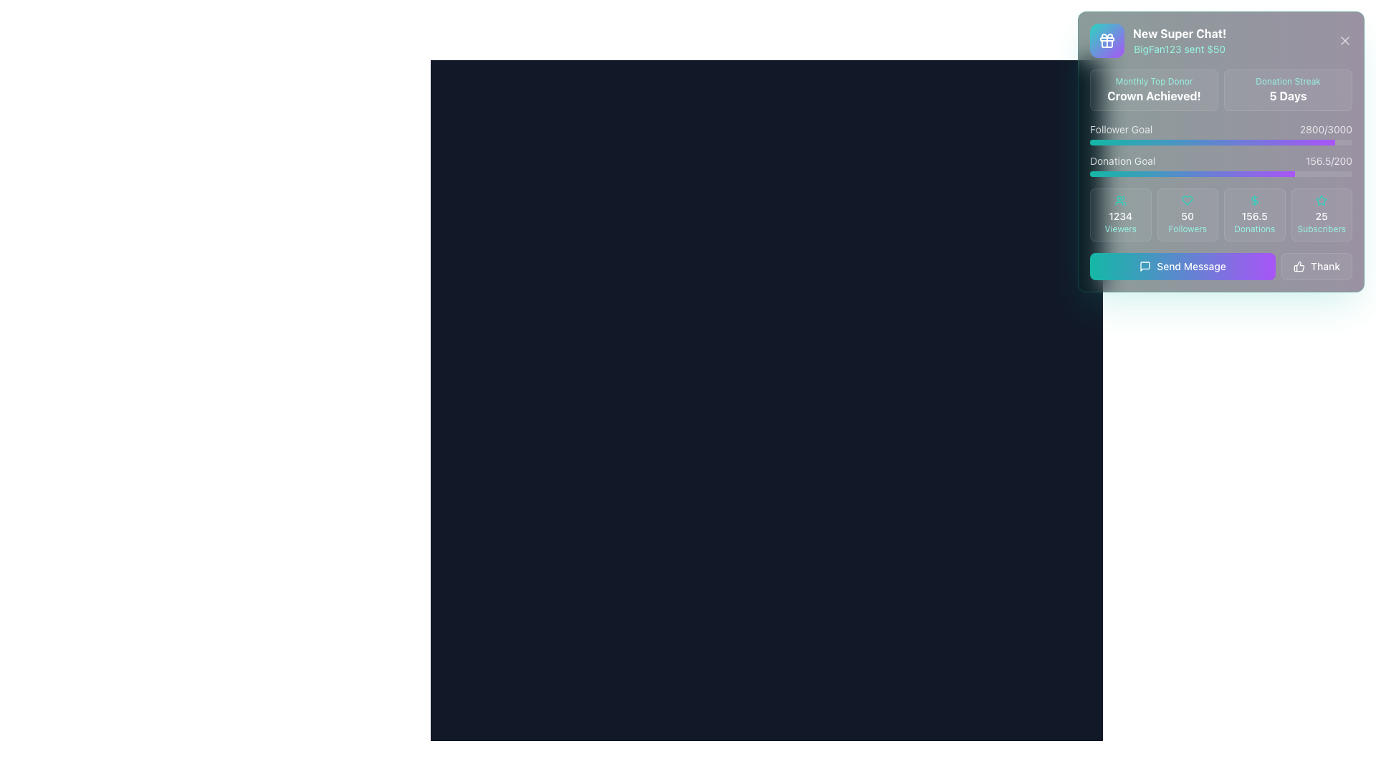 This screenshot has height=774, width=1376. What do you see at coordinates (1154, 96) in the screenshot?
I see `achievement title text label located just below the 'Monthly Top Donor' label in the user interface section, which is styled to emphasize its celebratory nature` at bounding box center [1154, 96].